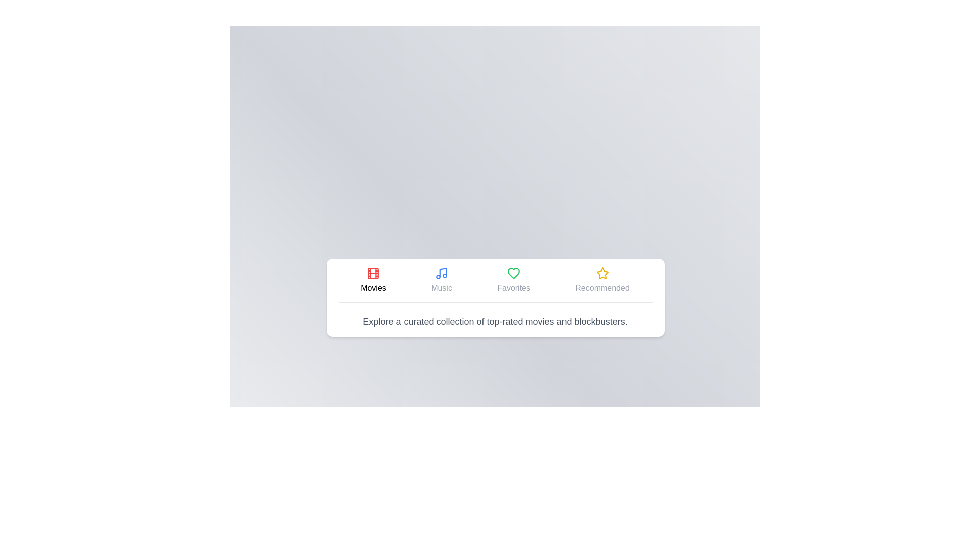  Describe the element at coordinates (442, 280) in the screenshot. I see `the Music tab to observe style changes` at that location.